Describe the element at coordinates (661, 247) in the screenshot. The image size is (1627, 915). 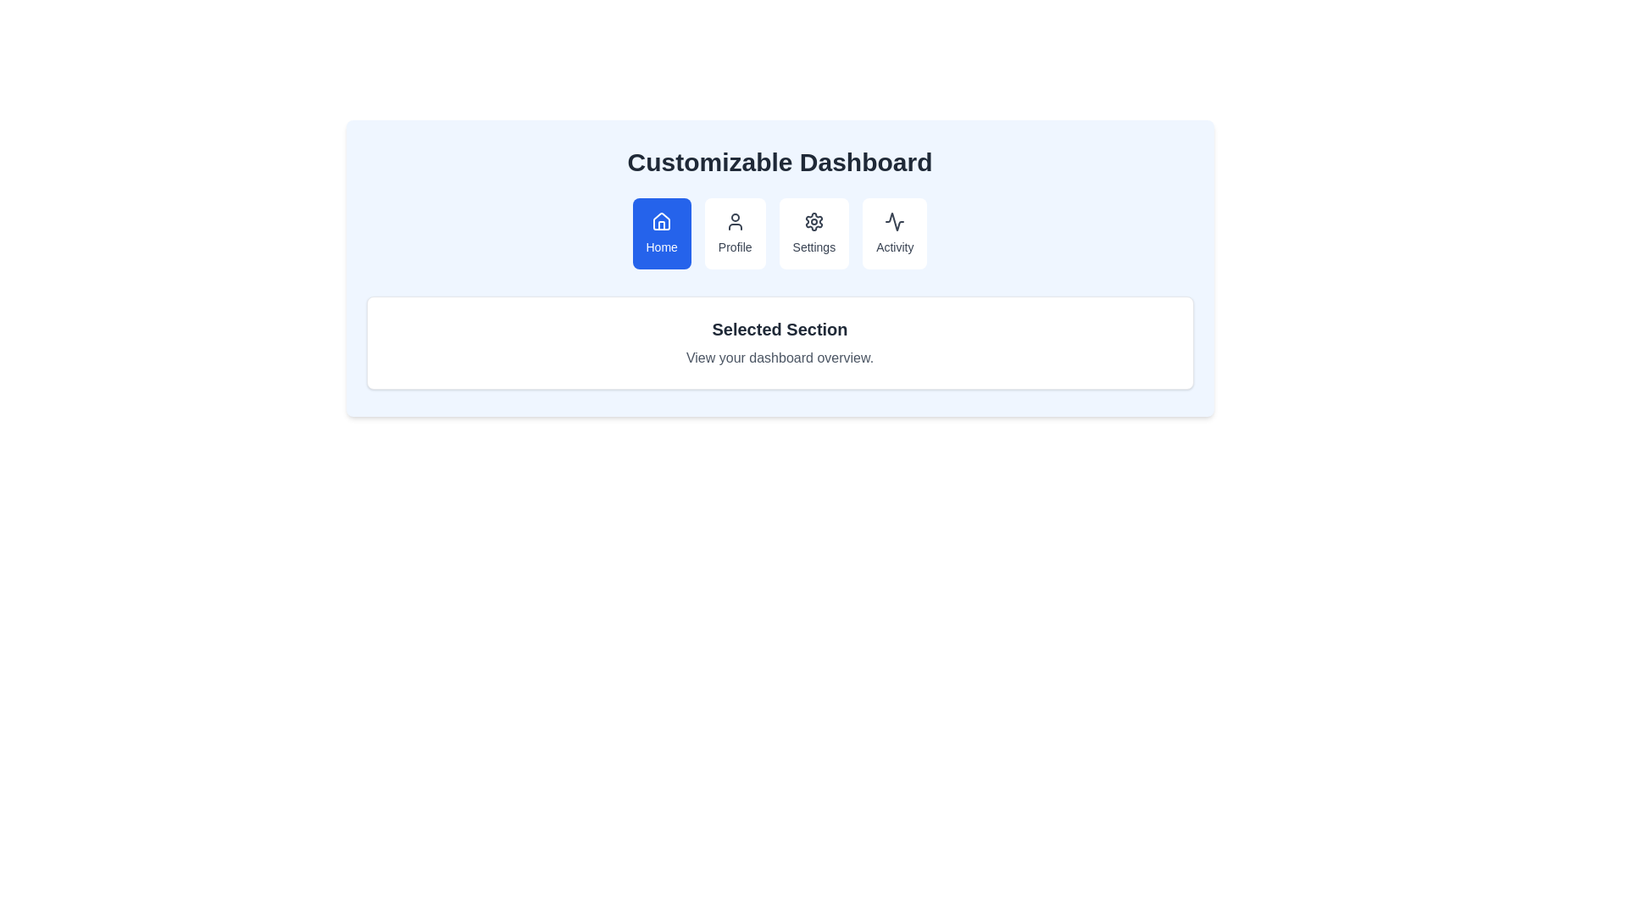
I see `the Static Text Label that describes the 'Home' button, located directly below the house icon in the primary navigation options` at that location.